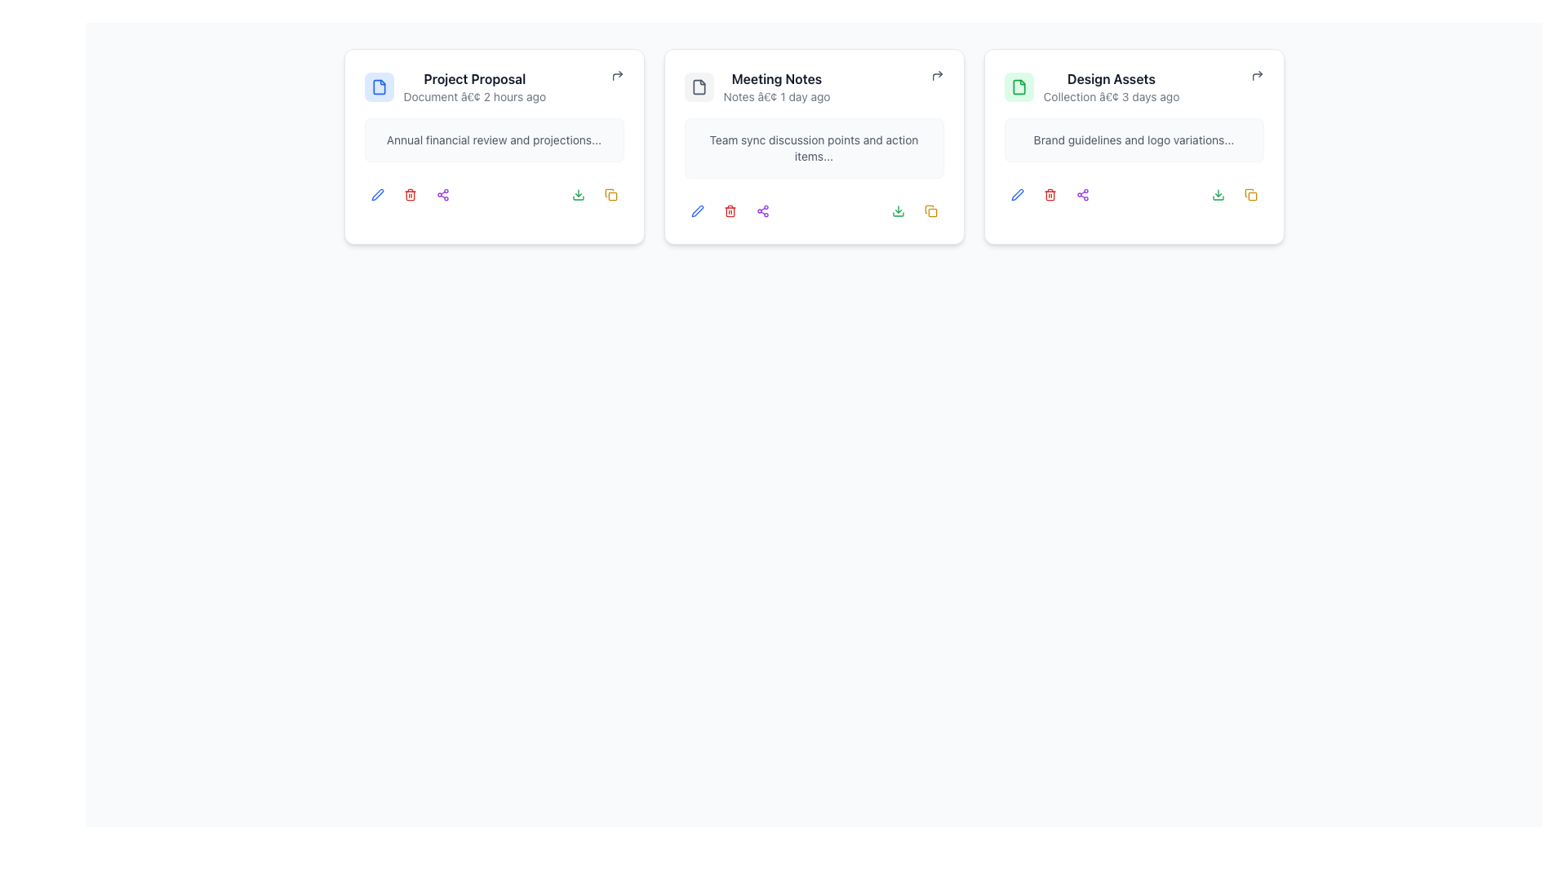 This screenshot has width=1567, height=881. Describe the element at coordinates (897, 210) in the screenshot. I see `the small green download icon located at the bottom right corner of the 'Meeting Notes' card to initiate a download` at that location.